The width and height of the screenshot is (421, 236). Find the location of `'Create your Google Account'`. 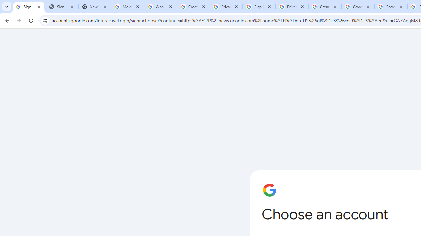

'Create your Google Account' is located at coordinates (325, 7).